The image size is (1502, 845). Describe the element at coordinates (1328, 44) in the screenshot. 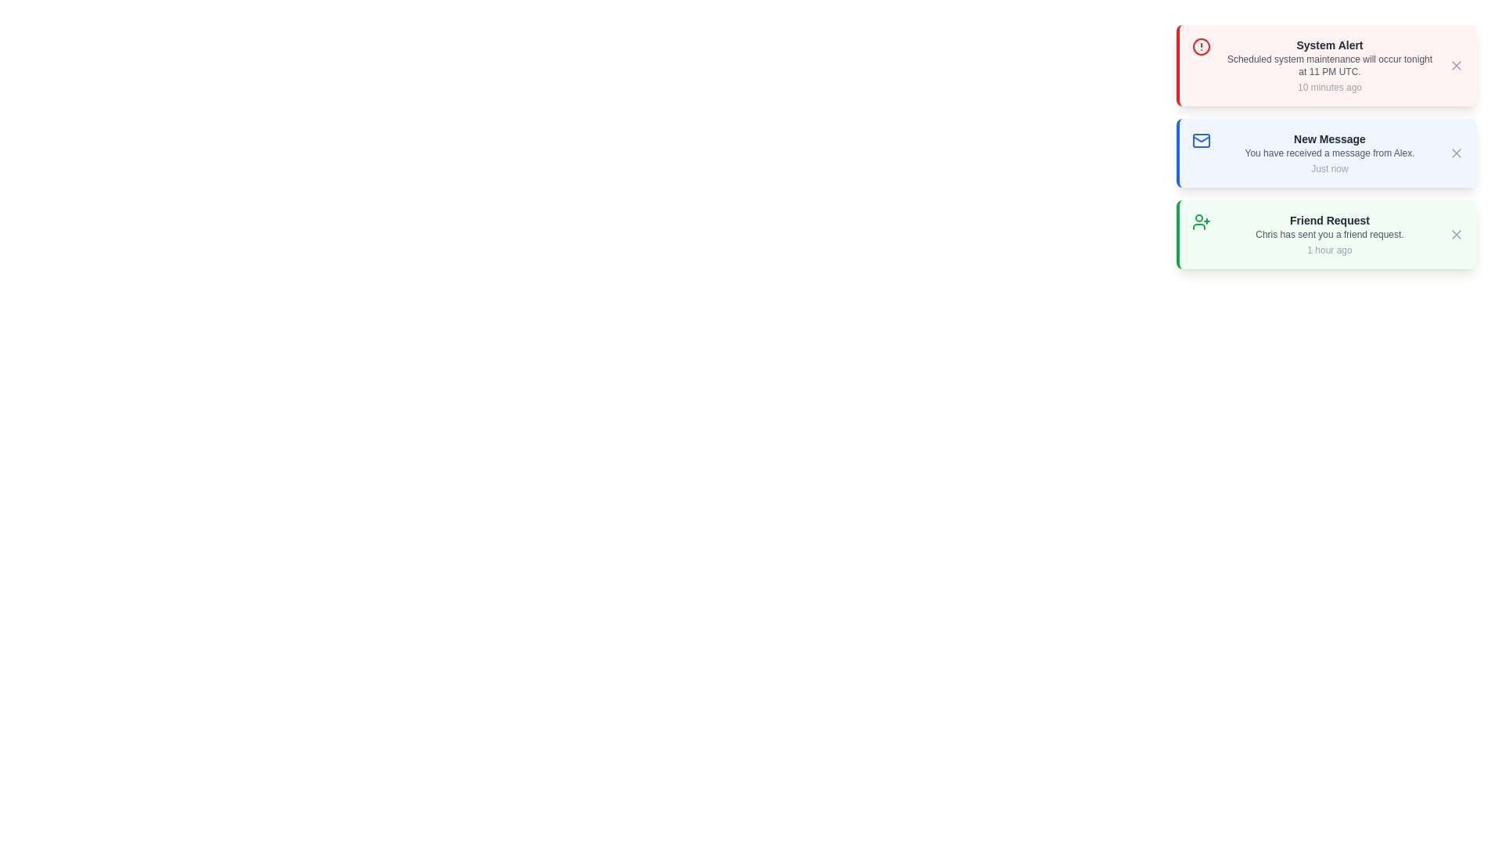

I see `title text that serves as a heading for the associated notice card, located at the top right section of the interface` at that location.